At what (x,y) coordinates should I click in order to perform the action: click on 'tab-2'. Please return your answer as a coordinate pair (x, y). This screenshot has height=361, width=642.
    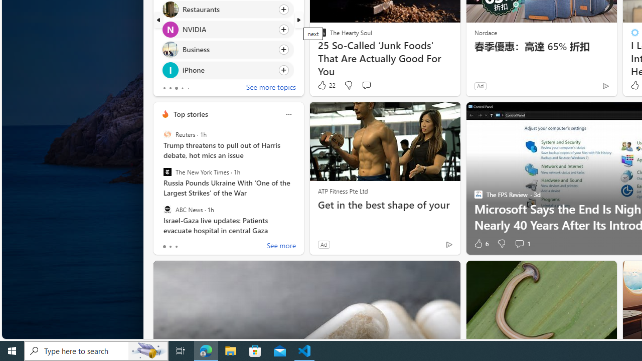
    Looking at the image, I should click on (177, 247).